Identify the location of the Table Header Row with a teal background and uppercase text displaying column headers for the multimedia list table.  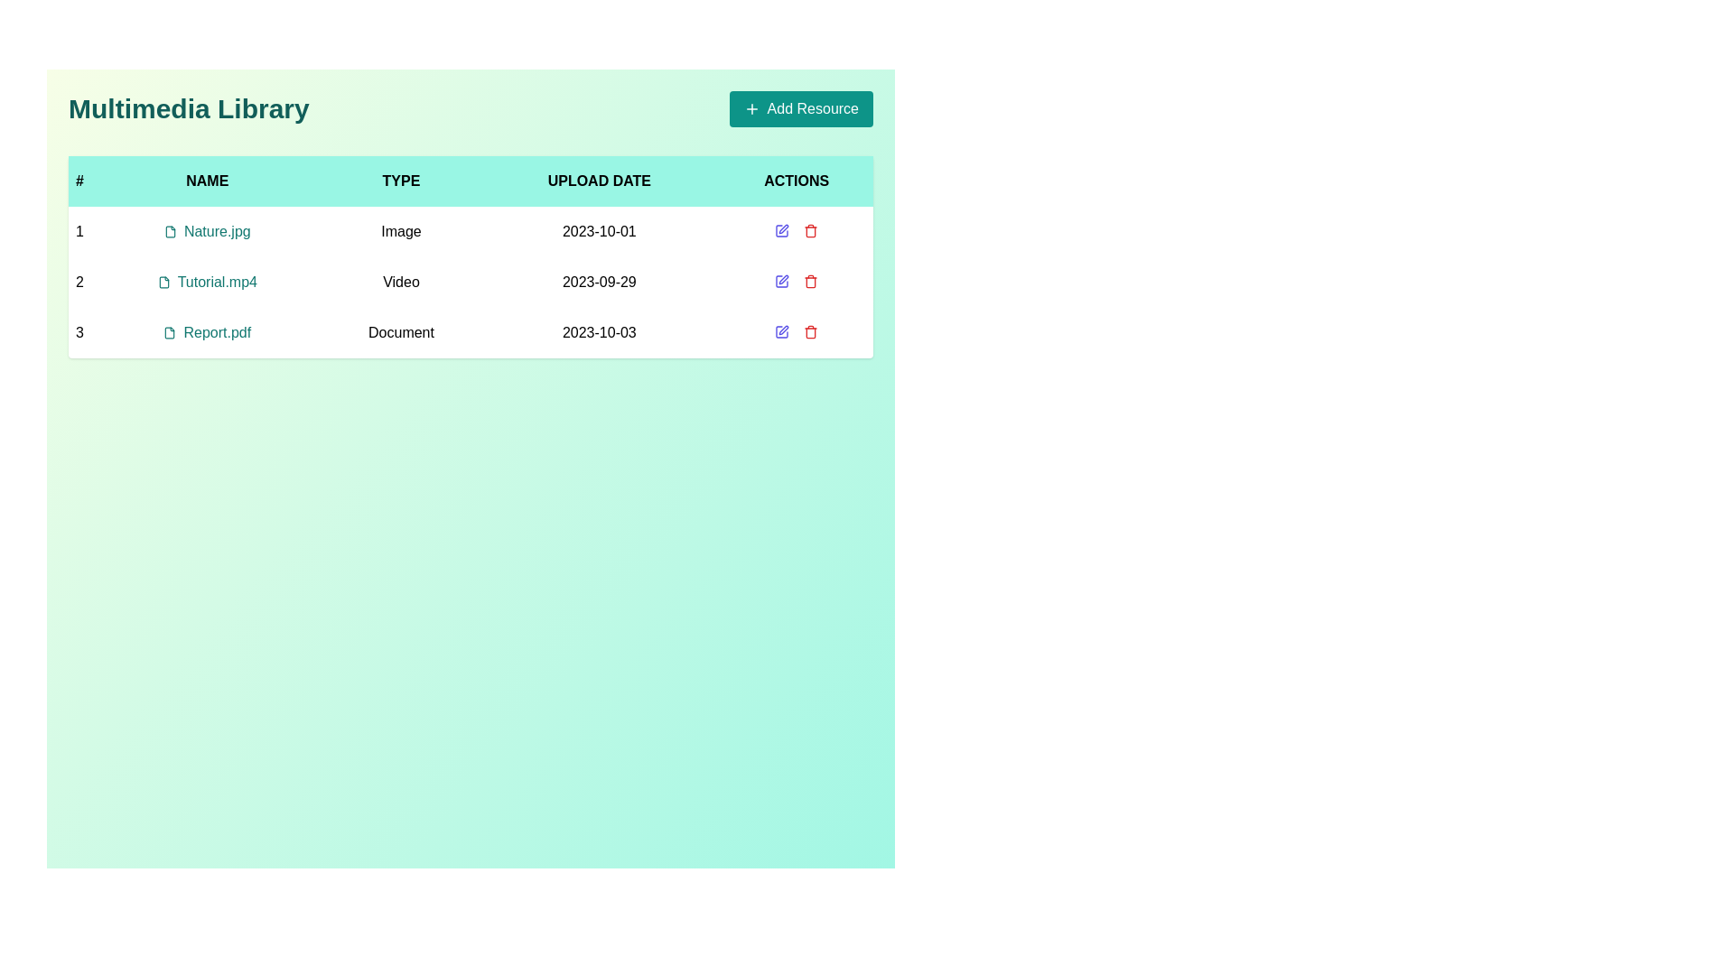
(471, 181).